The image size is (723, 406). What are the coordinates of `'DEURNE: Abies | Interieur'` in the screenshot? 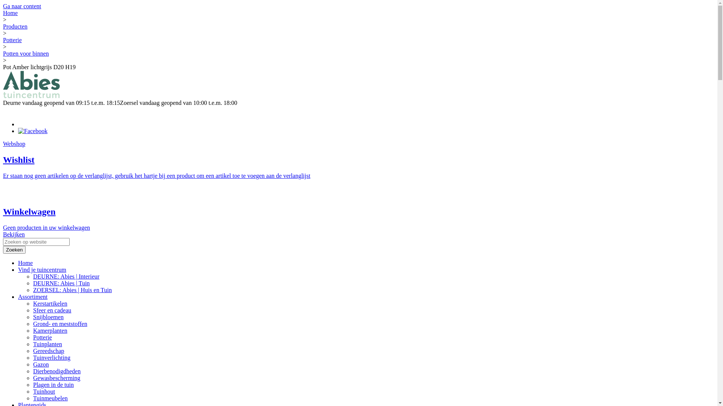 It's located at (66, 276).